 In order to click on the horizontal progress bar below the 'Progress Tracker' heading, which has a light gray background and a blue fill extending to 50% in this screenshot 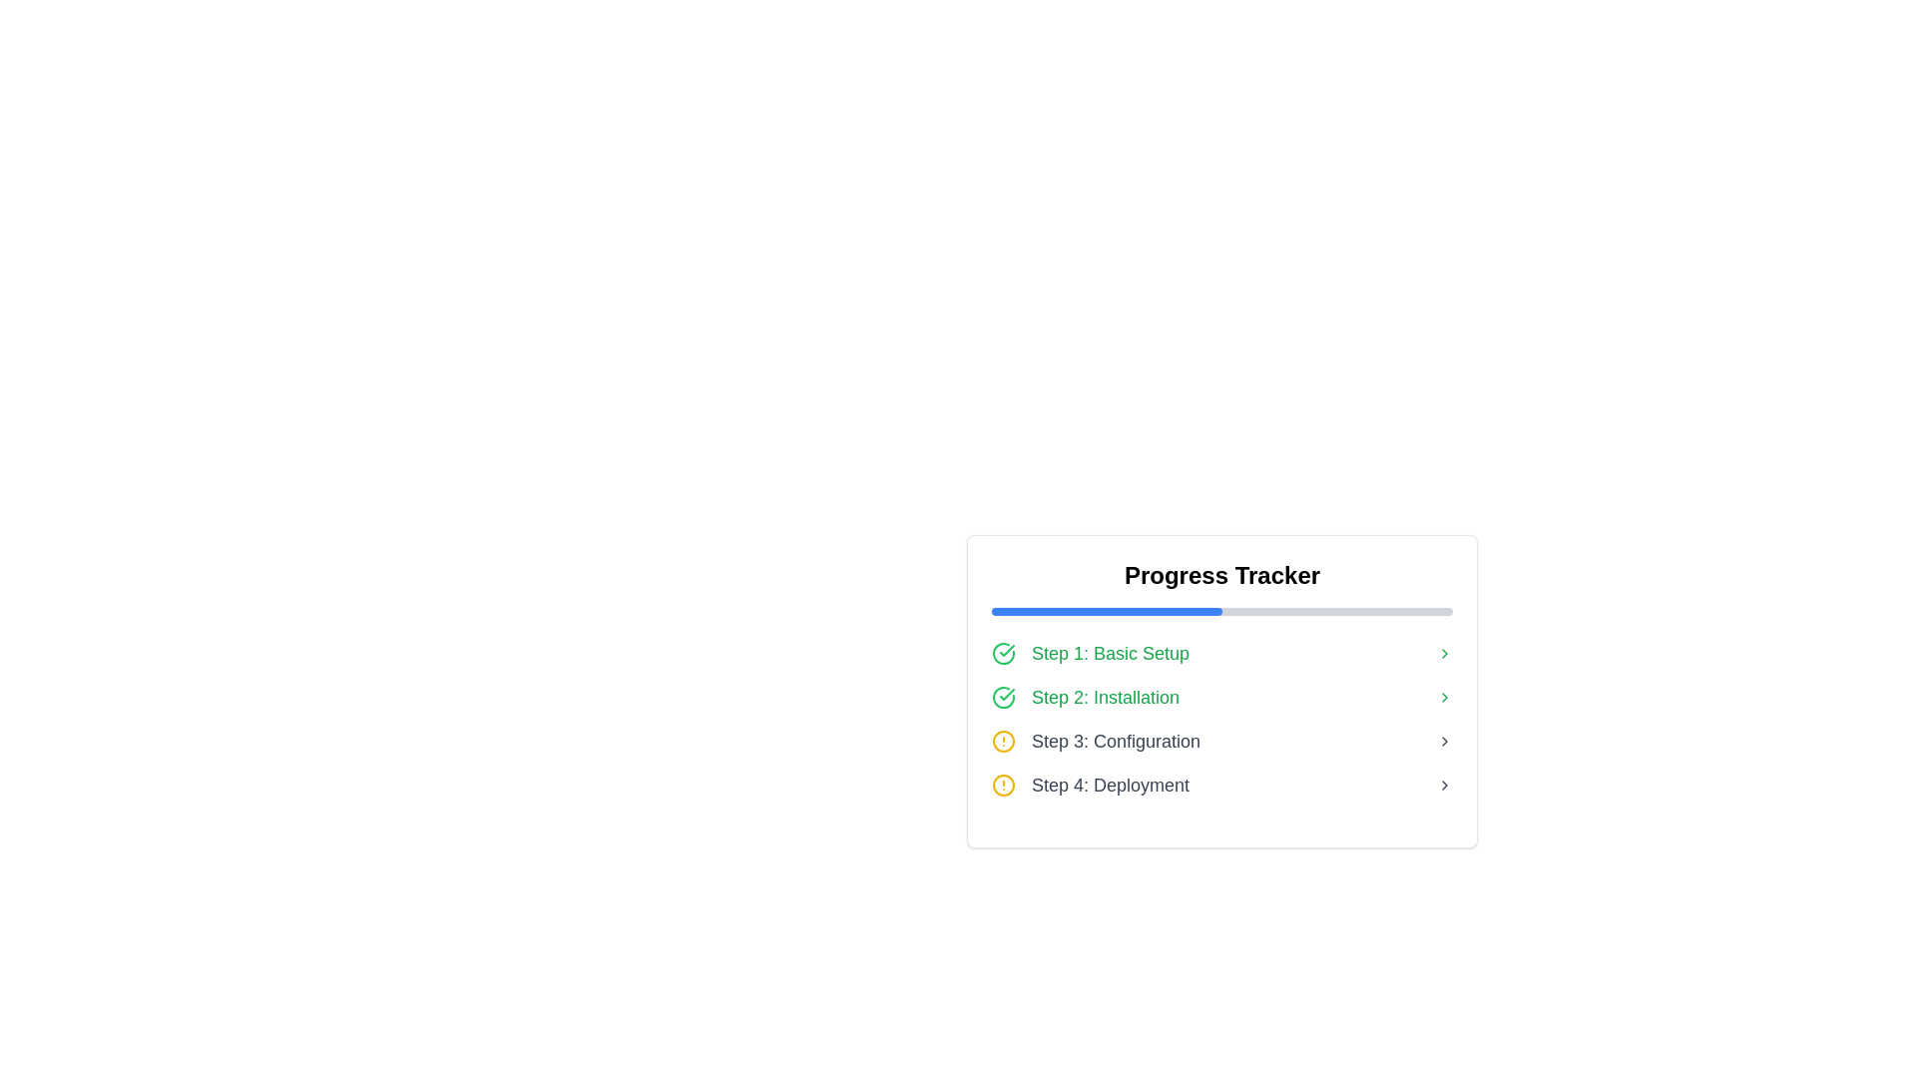, I will do `click(1220, 611)`.